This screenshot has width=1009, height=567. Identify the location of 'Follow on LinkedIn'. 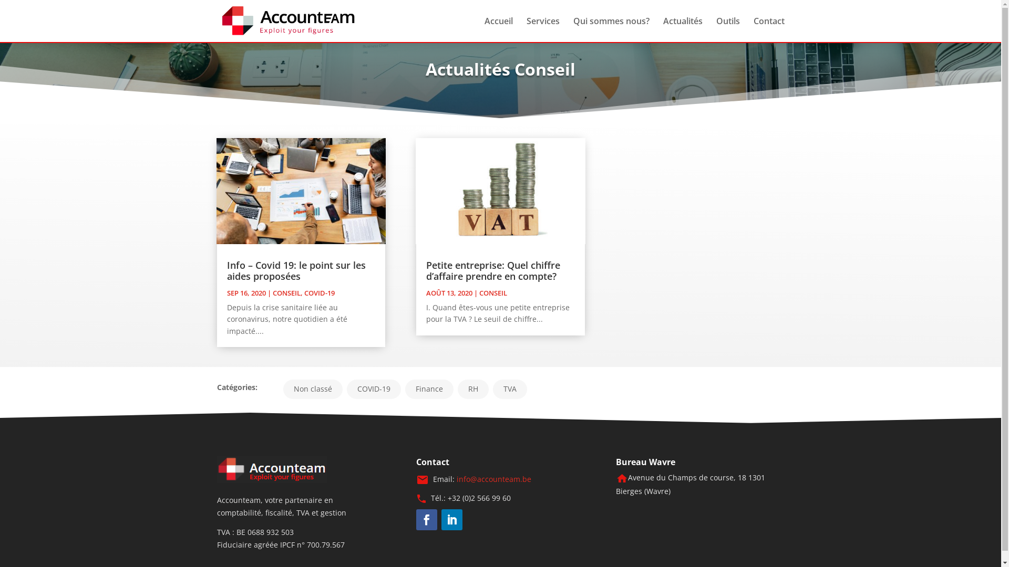
(451, 520).